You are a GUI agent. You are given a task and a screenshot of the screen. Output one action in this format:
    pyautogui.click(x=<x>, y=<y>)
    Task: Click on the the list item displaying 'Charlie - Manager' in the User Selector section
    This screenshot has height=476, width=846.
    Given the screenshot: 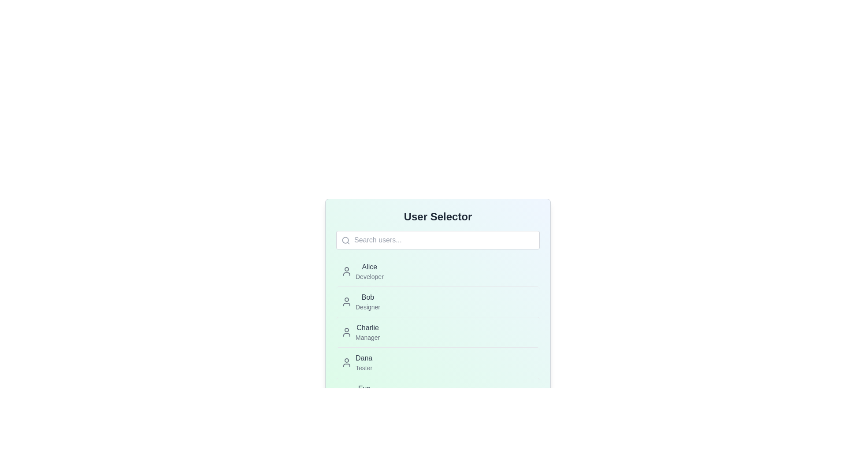 What is the action you would take?
    pyautogui.click(x=438, y=332)
    